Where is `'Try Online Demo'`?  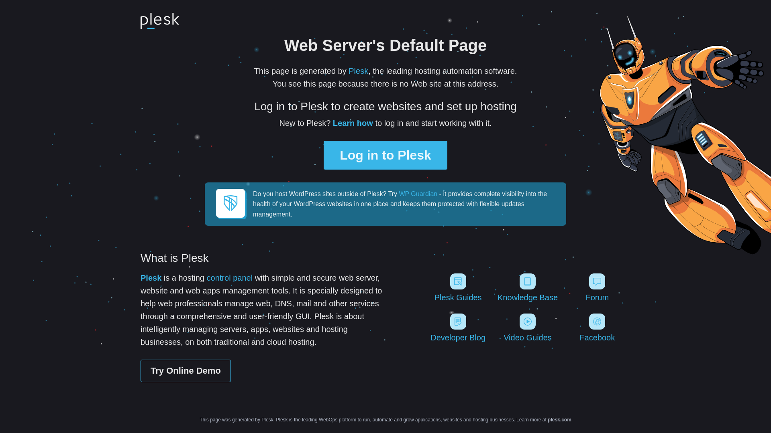 'Try Online Demo' is located at coordinates (185, 371).